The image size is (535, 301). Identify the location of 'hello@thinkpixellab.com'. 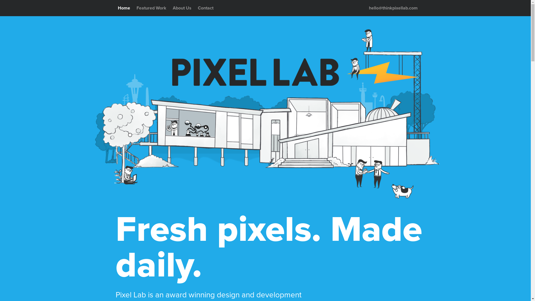
(393, 8).